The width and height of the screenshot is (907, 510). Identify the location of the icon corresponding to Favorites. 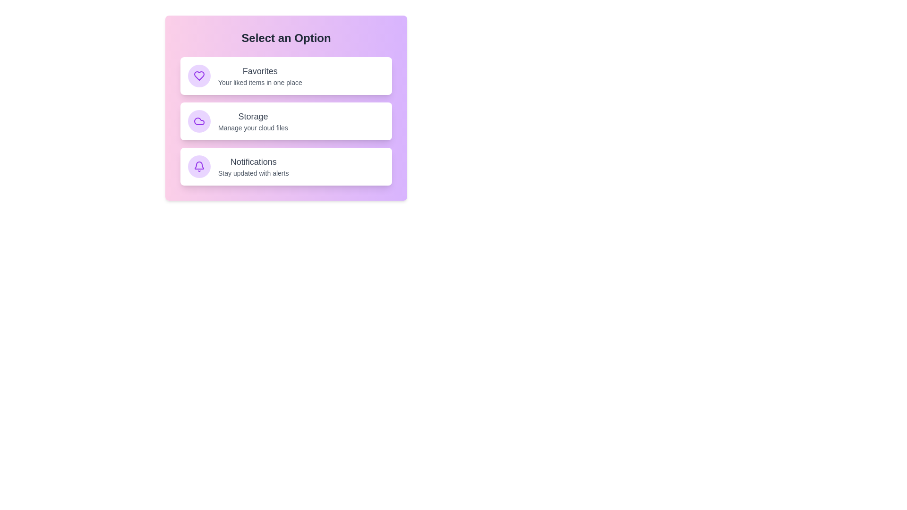
(199, 76).